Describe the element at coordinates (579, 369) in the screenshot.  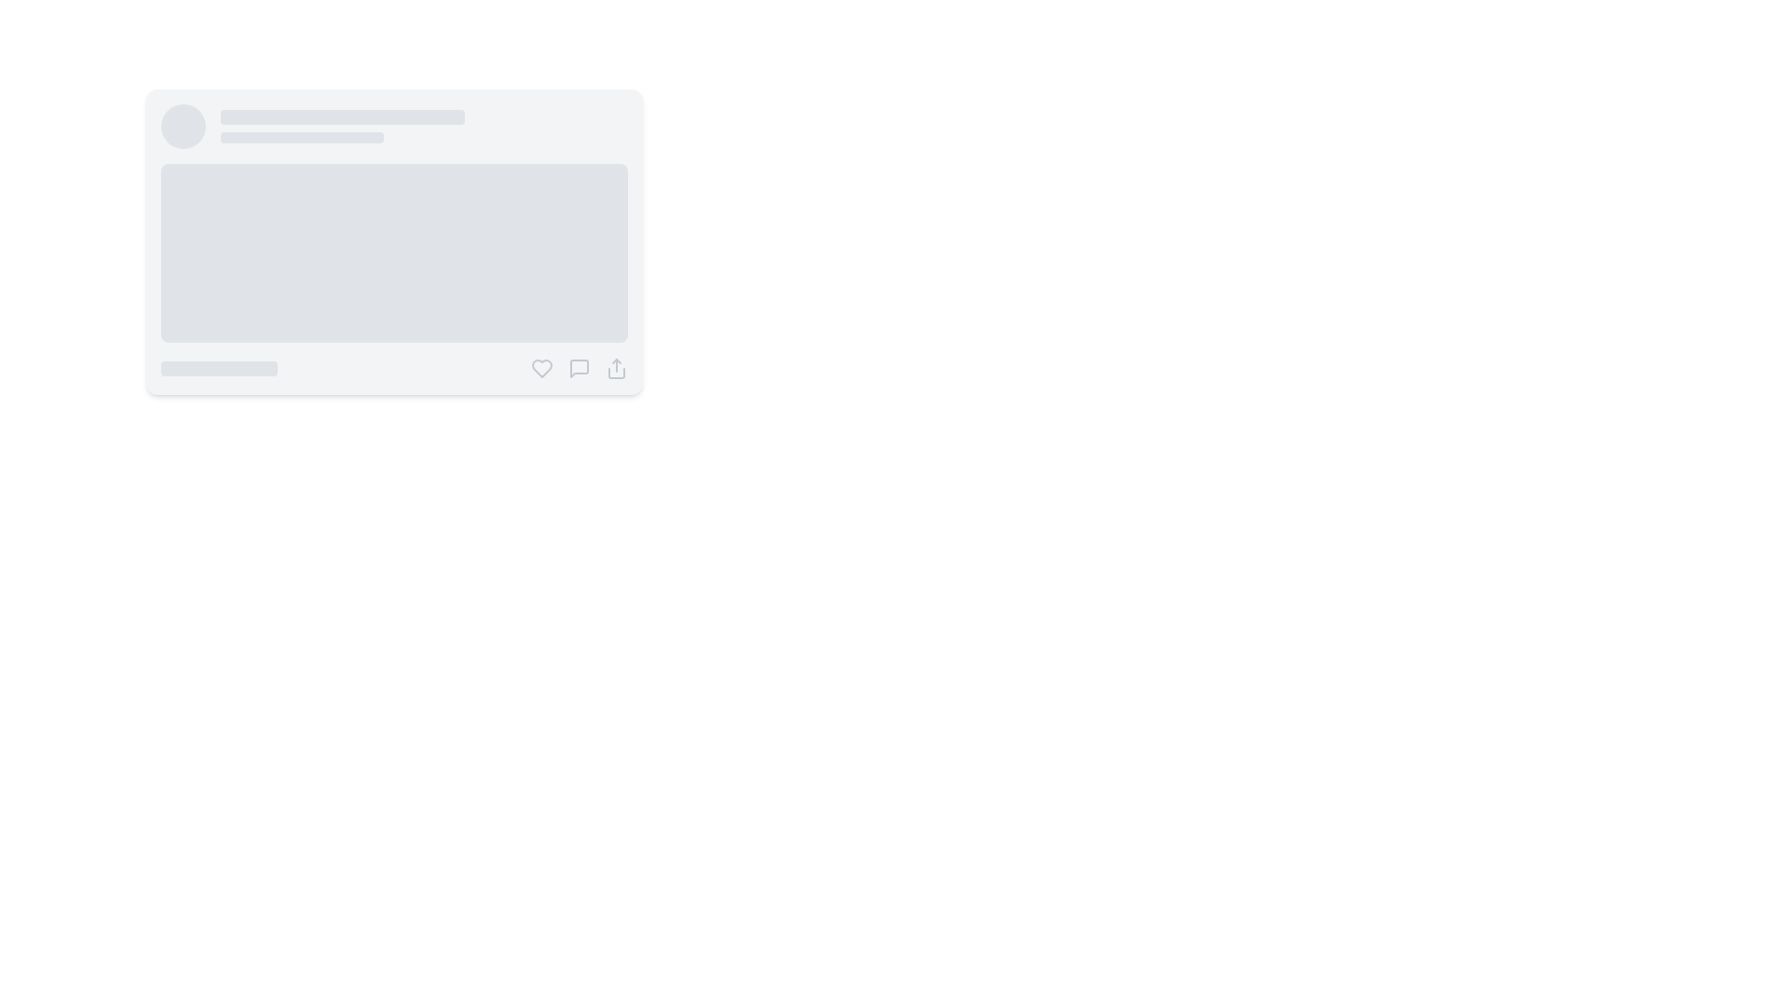
I see `the speech bubble icon located to the left of the heart icon in the interactive section at the bottom right of the card` at that location.